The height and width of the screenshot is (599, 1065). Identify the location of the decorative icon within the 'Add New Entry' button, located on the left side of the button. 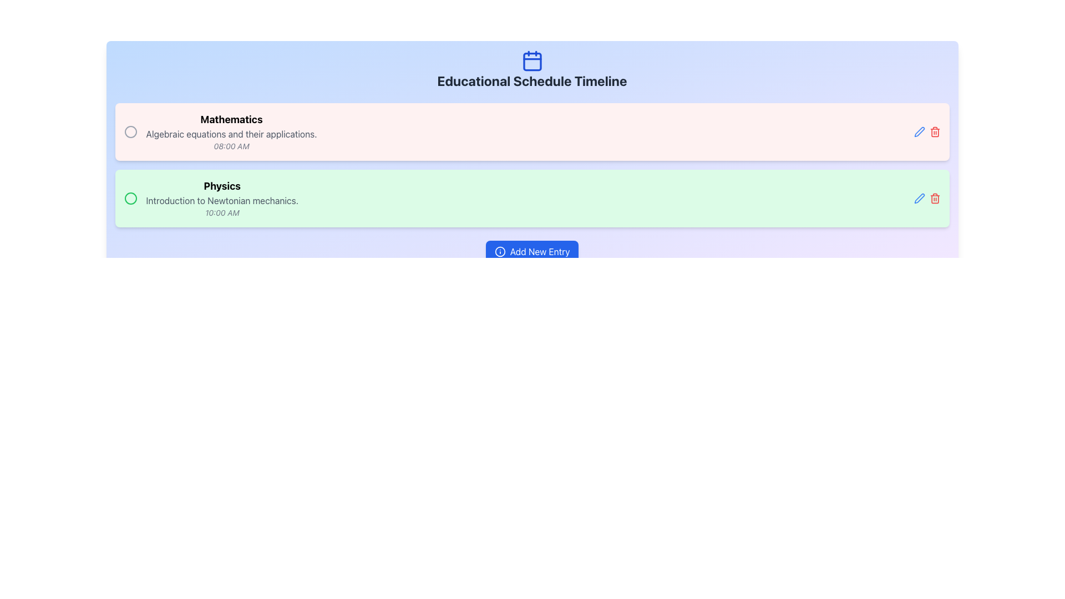
(499, 252).